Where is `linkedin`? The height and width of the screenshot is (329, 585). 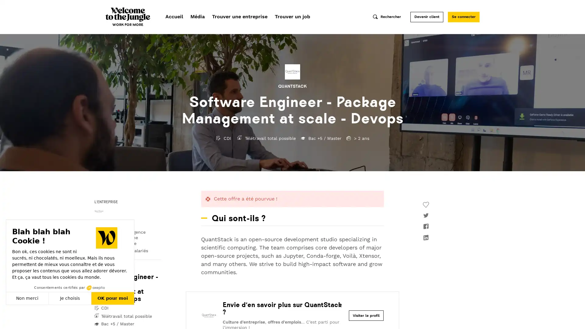
linkedin is located at coordinates (425, 238).